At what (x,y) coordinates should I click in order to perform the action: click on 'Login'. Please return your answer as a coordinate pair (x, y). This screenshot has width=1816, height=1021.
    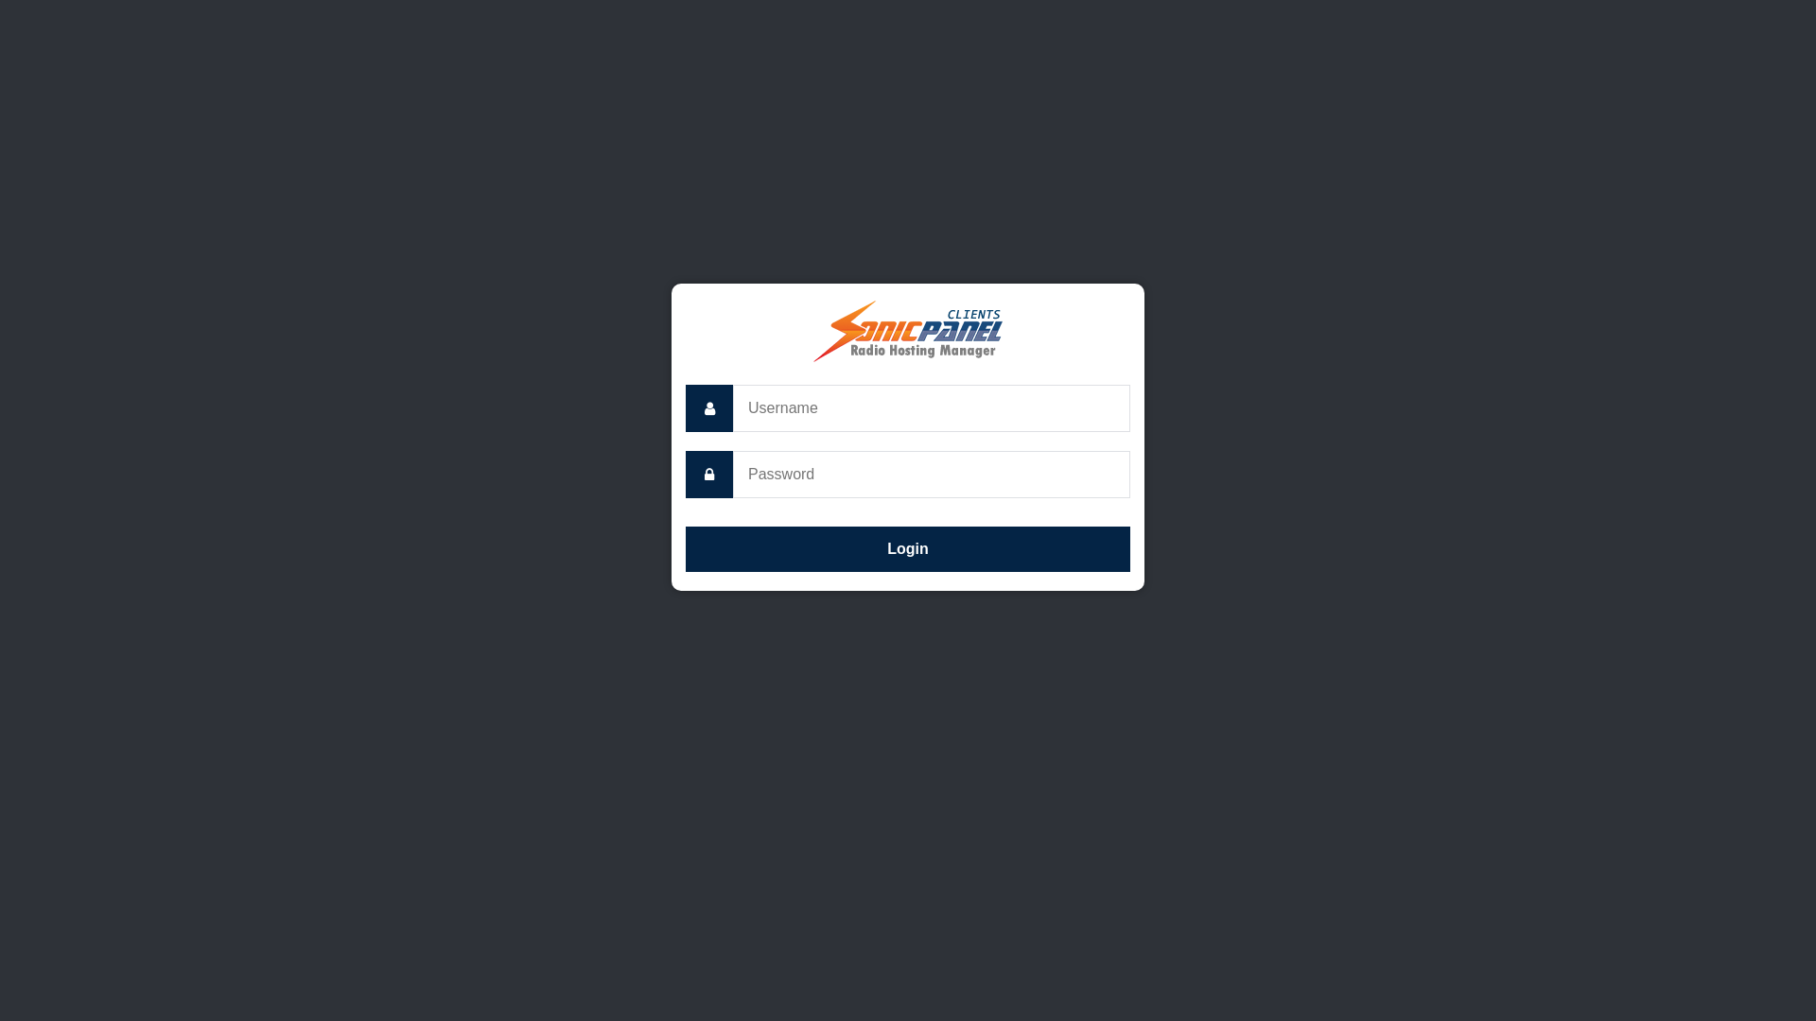
    Looking at the image, I should click on (908, 549).